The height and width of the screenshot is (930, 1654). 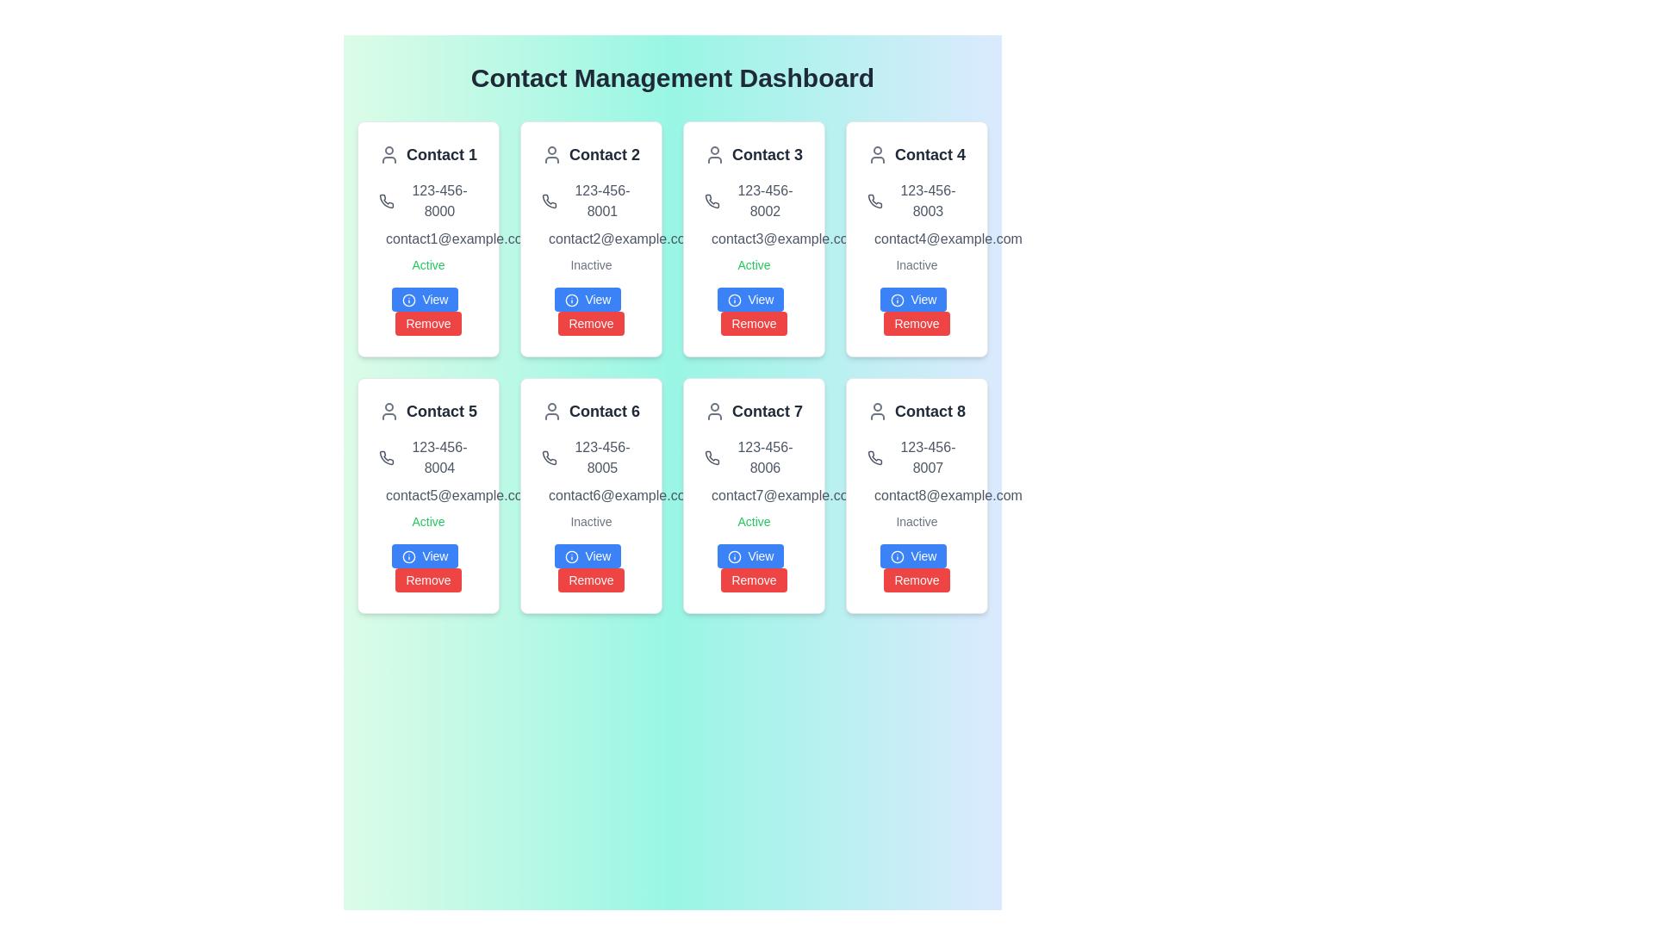 I want to click on the remove button located at the bottom of the Contact 3 card, so click(x=754, y=312).